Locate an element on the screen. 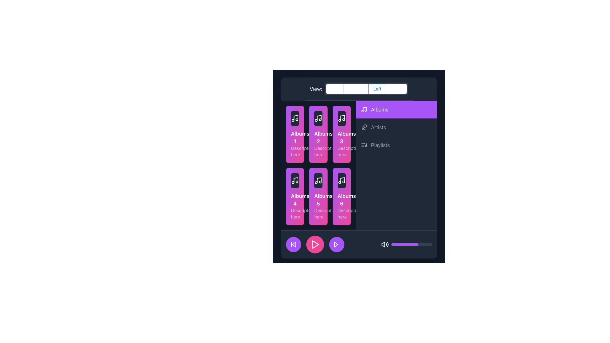 The image size is (610, 343). the album cover placeholder icon located inside the last card labeled 'Albums 6' in the 'Albums' section is located at coordinates (341, 181).